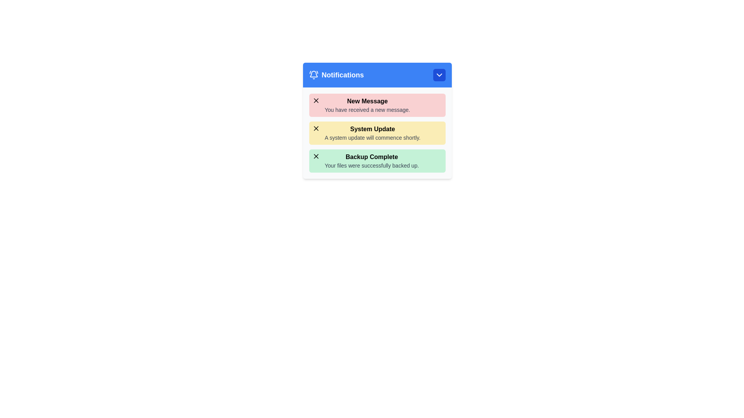 This screenshot has height=418, width=744. Describe the element at coordinates (372, 129) in the screenshot. I see `the 'System Update' text label, which is the title for the second notification in the list, featuring a bold font style and a light yellow background` at that location.